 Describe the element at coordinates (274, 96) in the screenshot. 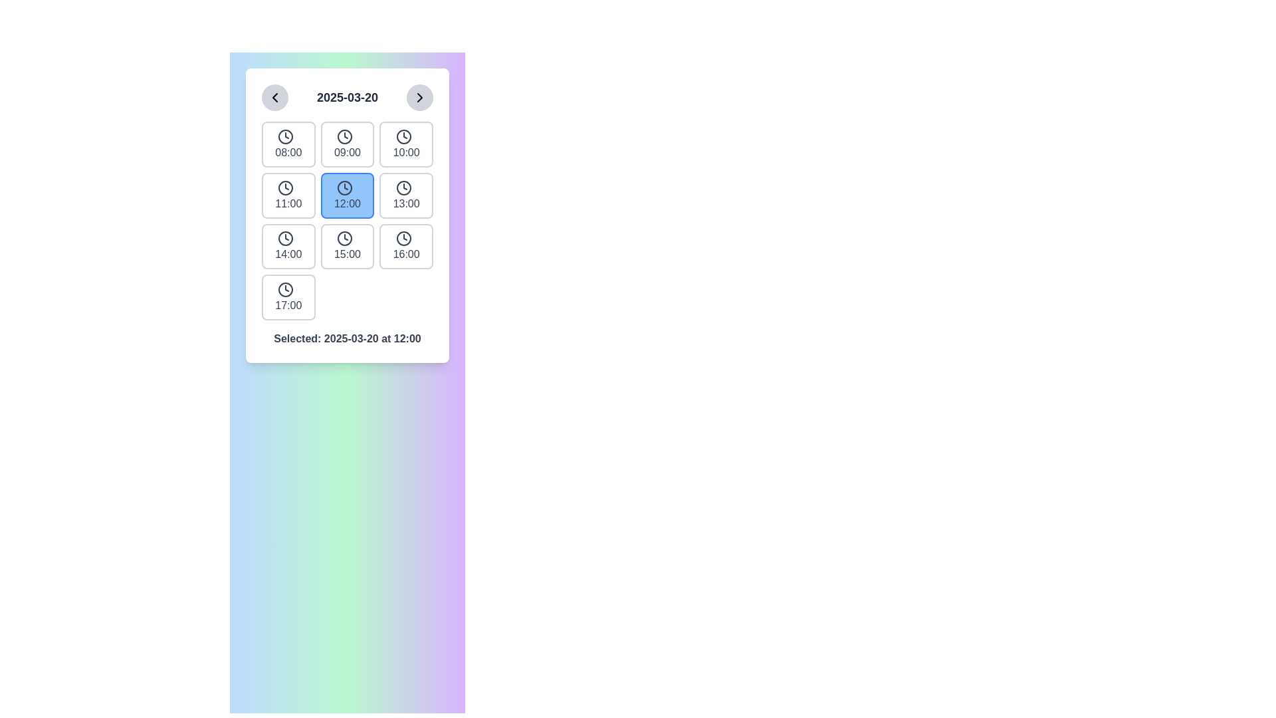

I see `the left-pointing chevron arrow icon located within the rounded rectangular button in the top-left corner of the date selection interface` at that location.